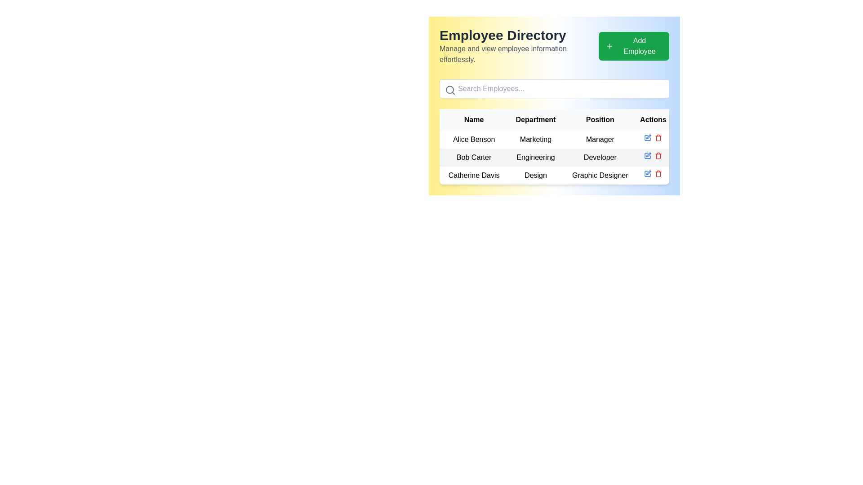 Image resolution: width=863 pixels, height=485 pixels. I want to click on text content of the table row presenting employee information, located in the second row of the table, so click(554, 157).